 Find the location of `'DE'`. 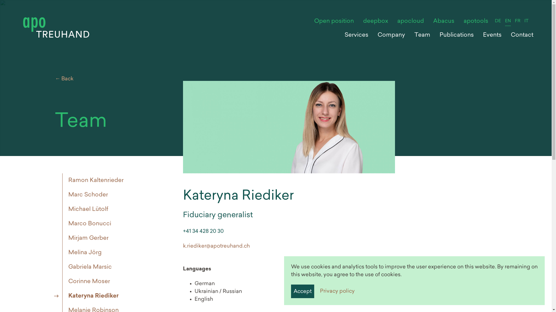

'DE' is located at coordinates (493, 21).